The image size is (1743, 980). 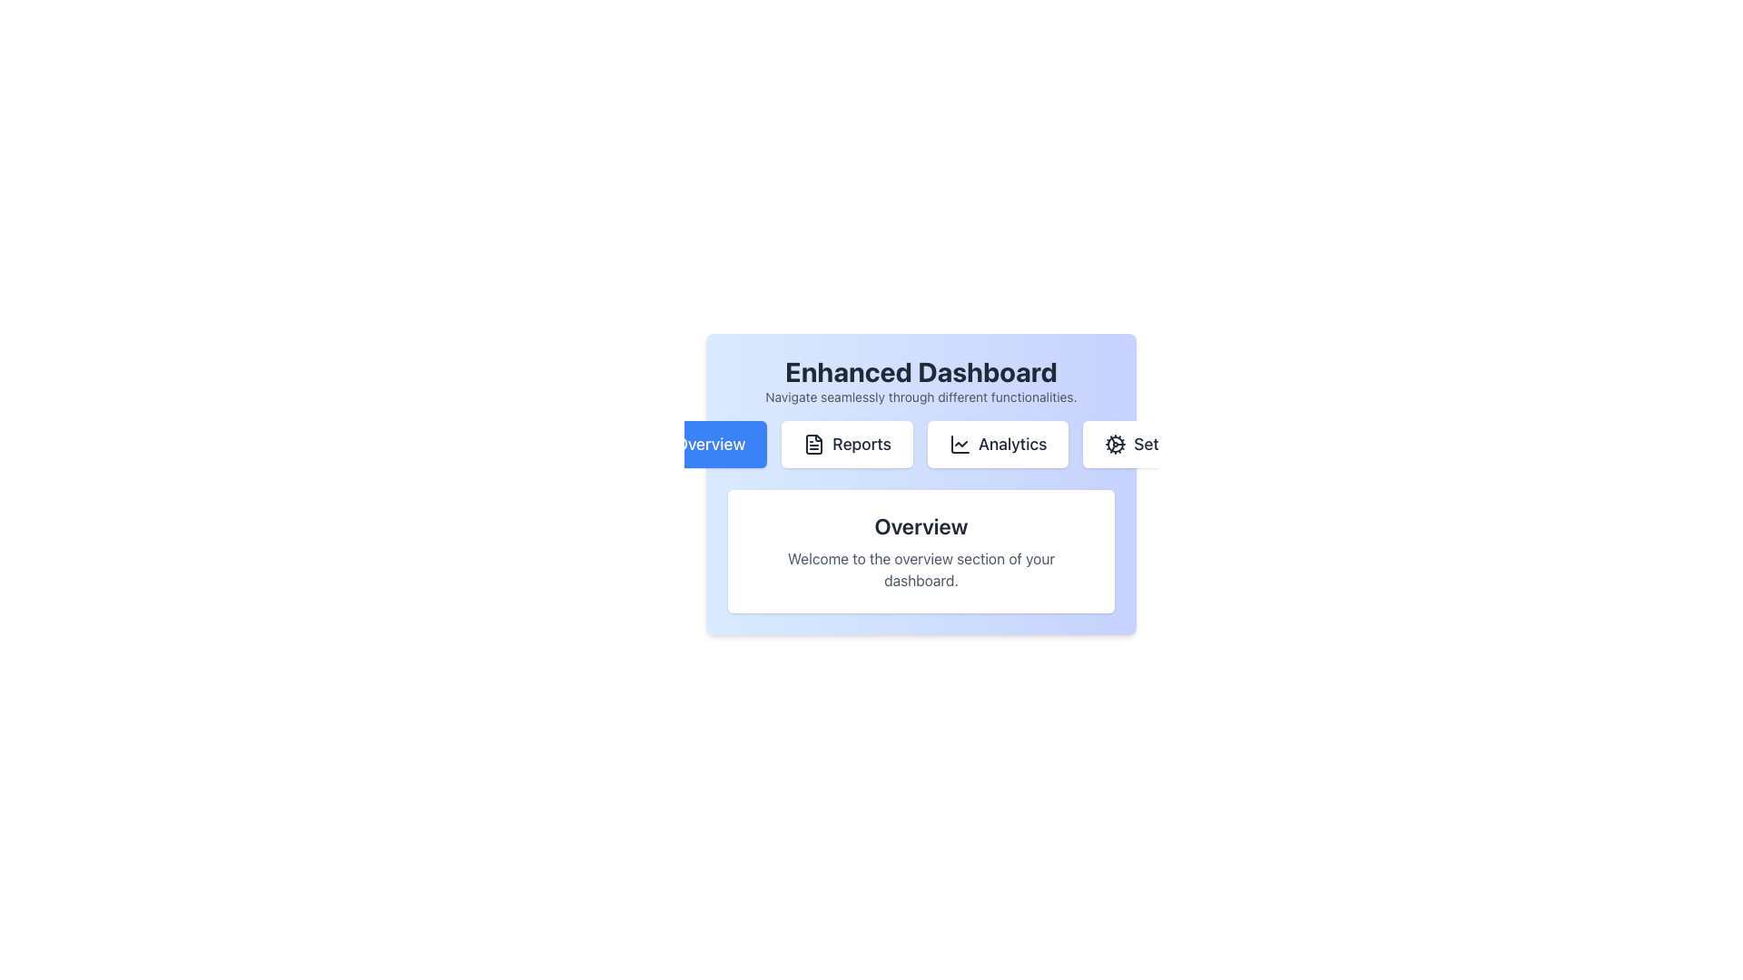 What do you see at coordinates (959, 444) in the screenshot?
I see `the small chart-like icon representing analytics, located within the 'Analytics' button, positioned between the 'Reports' and 'Set' buttons in the top-center of the interface` at bounding box center [959, 444].